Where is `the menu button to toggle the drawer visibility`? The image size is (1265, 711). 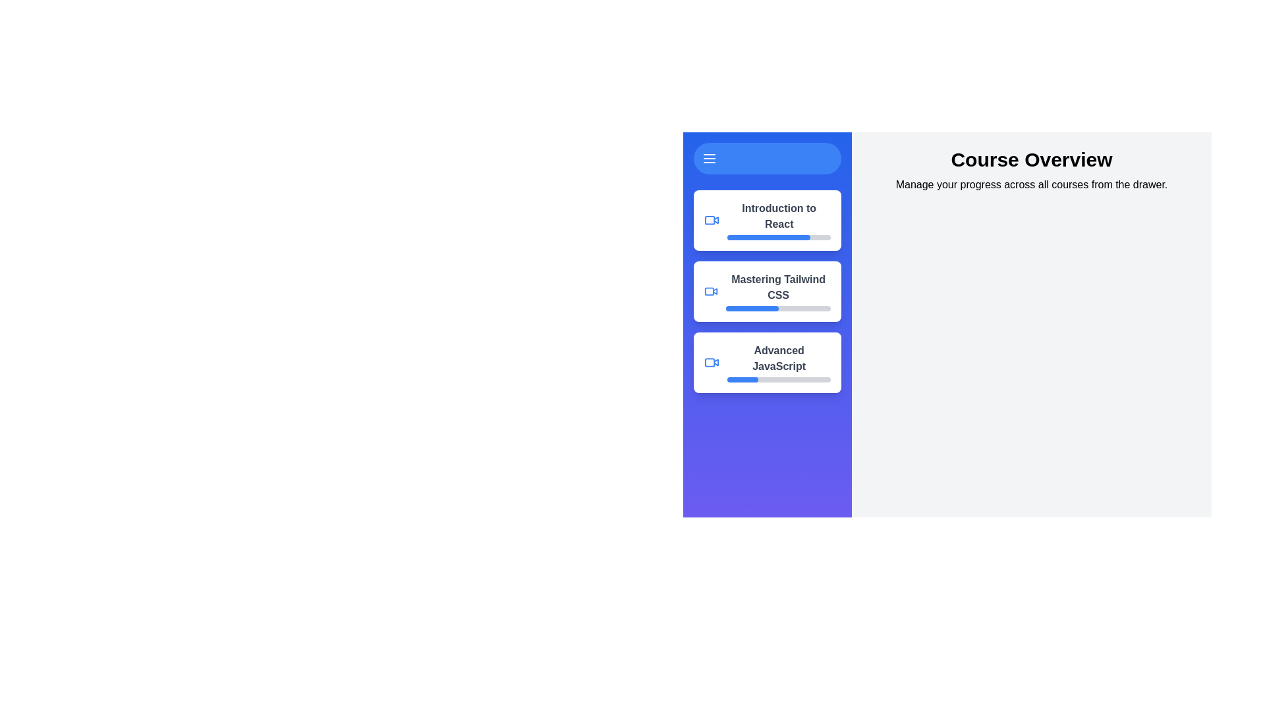
the menu button to toggle the drawer visibility is located at coordinates (768, 157).